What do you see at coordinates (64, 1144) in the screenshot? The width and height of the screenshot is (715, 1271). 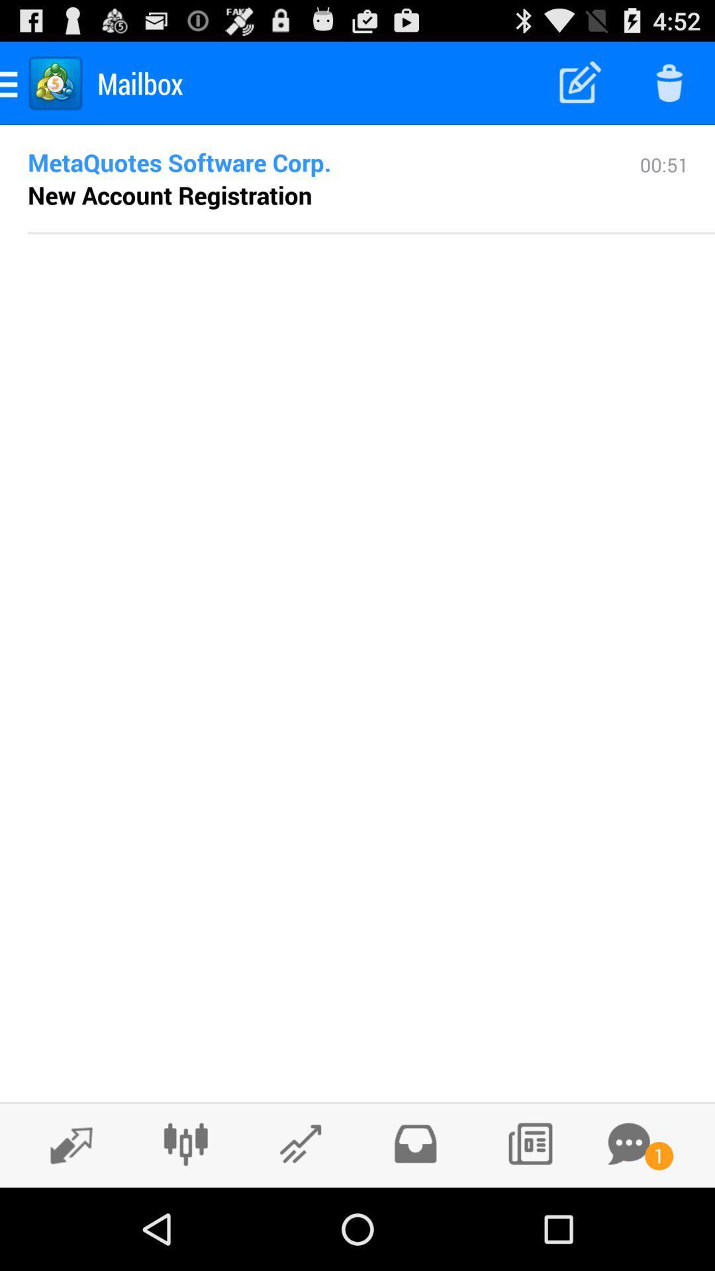 I see `reply` at bounding box center [64, 1144].